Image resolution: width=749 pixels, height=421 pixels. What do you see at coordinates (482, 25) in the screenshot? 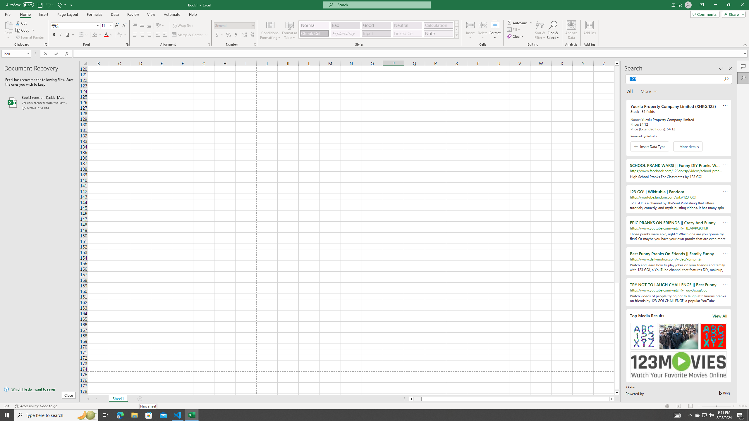
I see `'Delete Cells...'` at bounding box center [482, 25].